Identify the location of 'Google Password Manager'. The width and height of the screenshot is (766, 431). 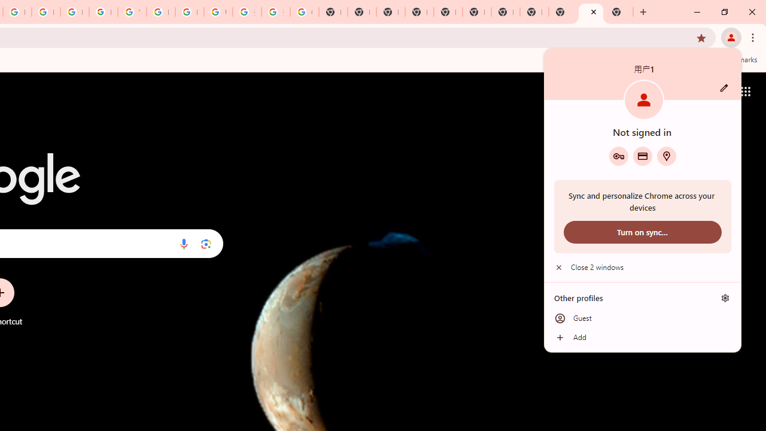
(618, 156).